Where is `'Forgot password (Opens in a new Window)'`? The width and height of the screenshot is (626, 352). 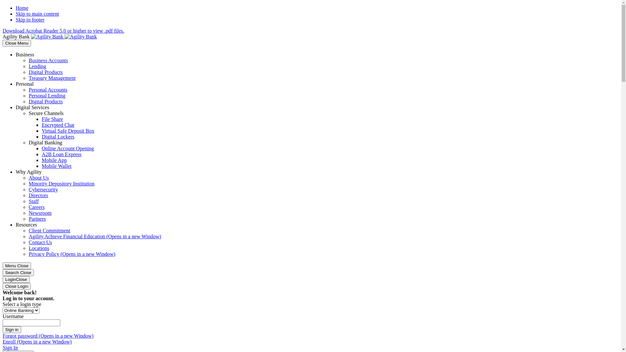
'Forgot password (Opens in a new Window)' is located at coordinates (48, 336).